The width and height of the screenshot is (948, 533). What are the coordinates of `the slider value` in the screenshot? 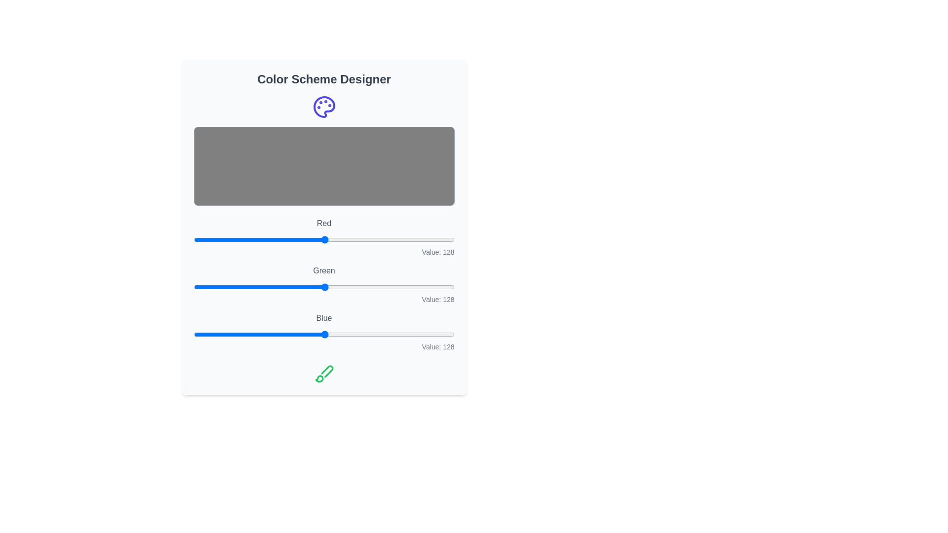 It's located at (205, 334).